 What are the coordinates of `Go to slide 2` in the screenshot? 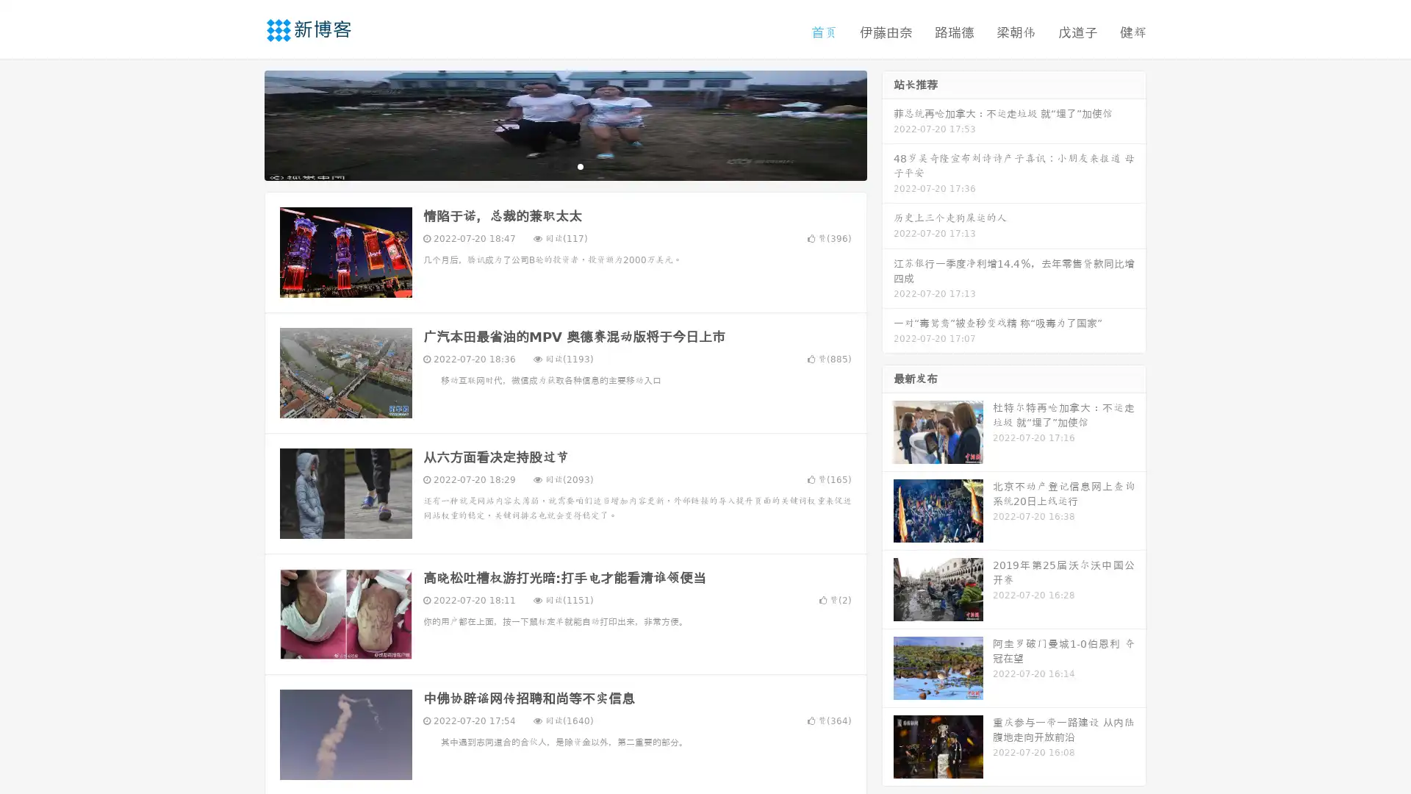 It's located at (564, 165).